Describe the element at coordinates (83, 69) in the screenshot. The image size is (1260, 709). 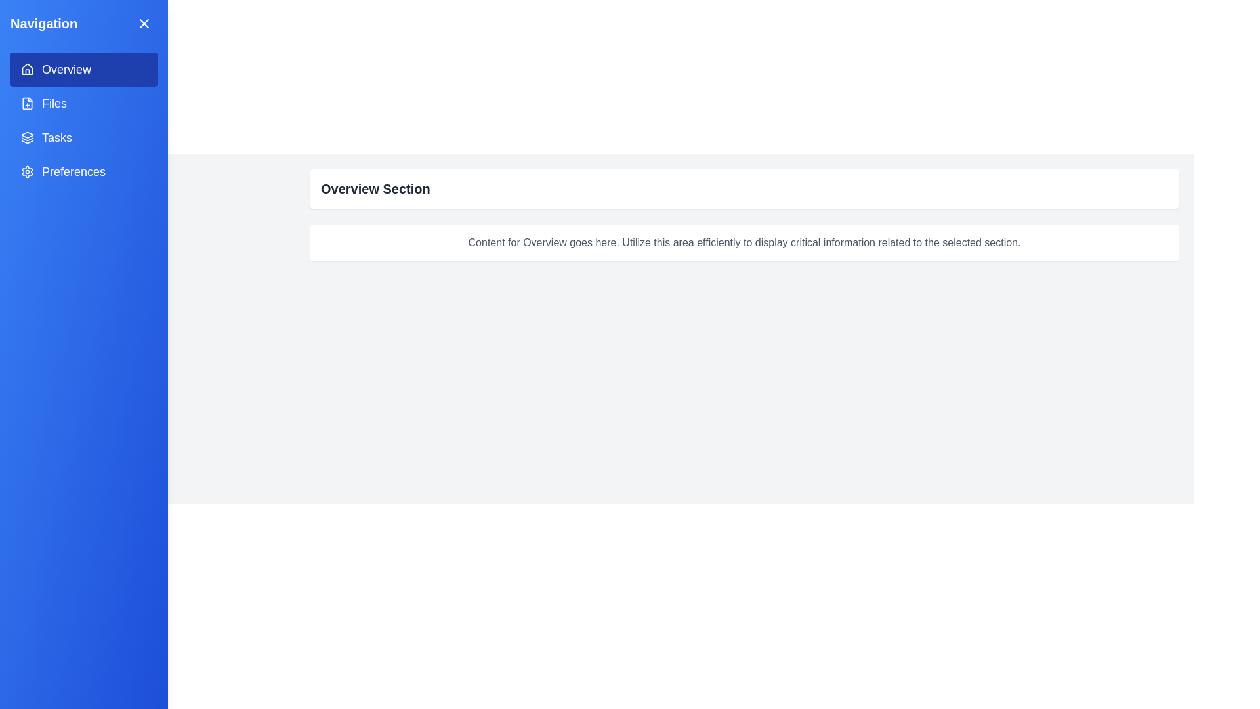
I see `the menu item corresponding to Overview in the navigation menu` at that location.